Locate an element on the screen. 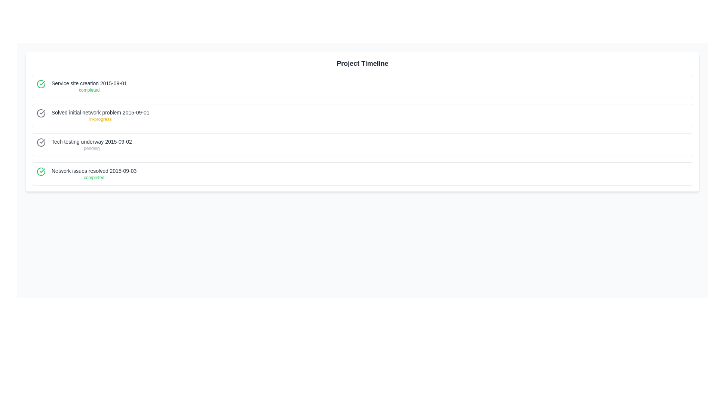 Image resolution: width=718 pixels, height=404 pixels. status label indicating the current status of the associated timeline entry as 'pending', located below 'Tech testing underway 2015-09-02' in the third entry of a vertical list of status items is located at coordinates (91, 149).